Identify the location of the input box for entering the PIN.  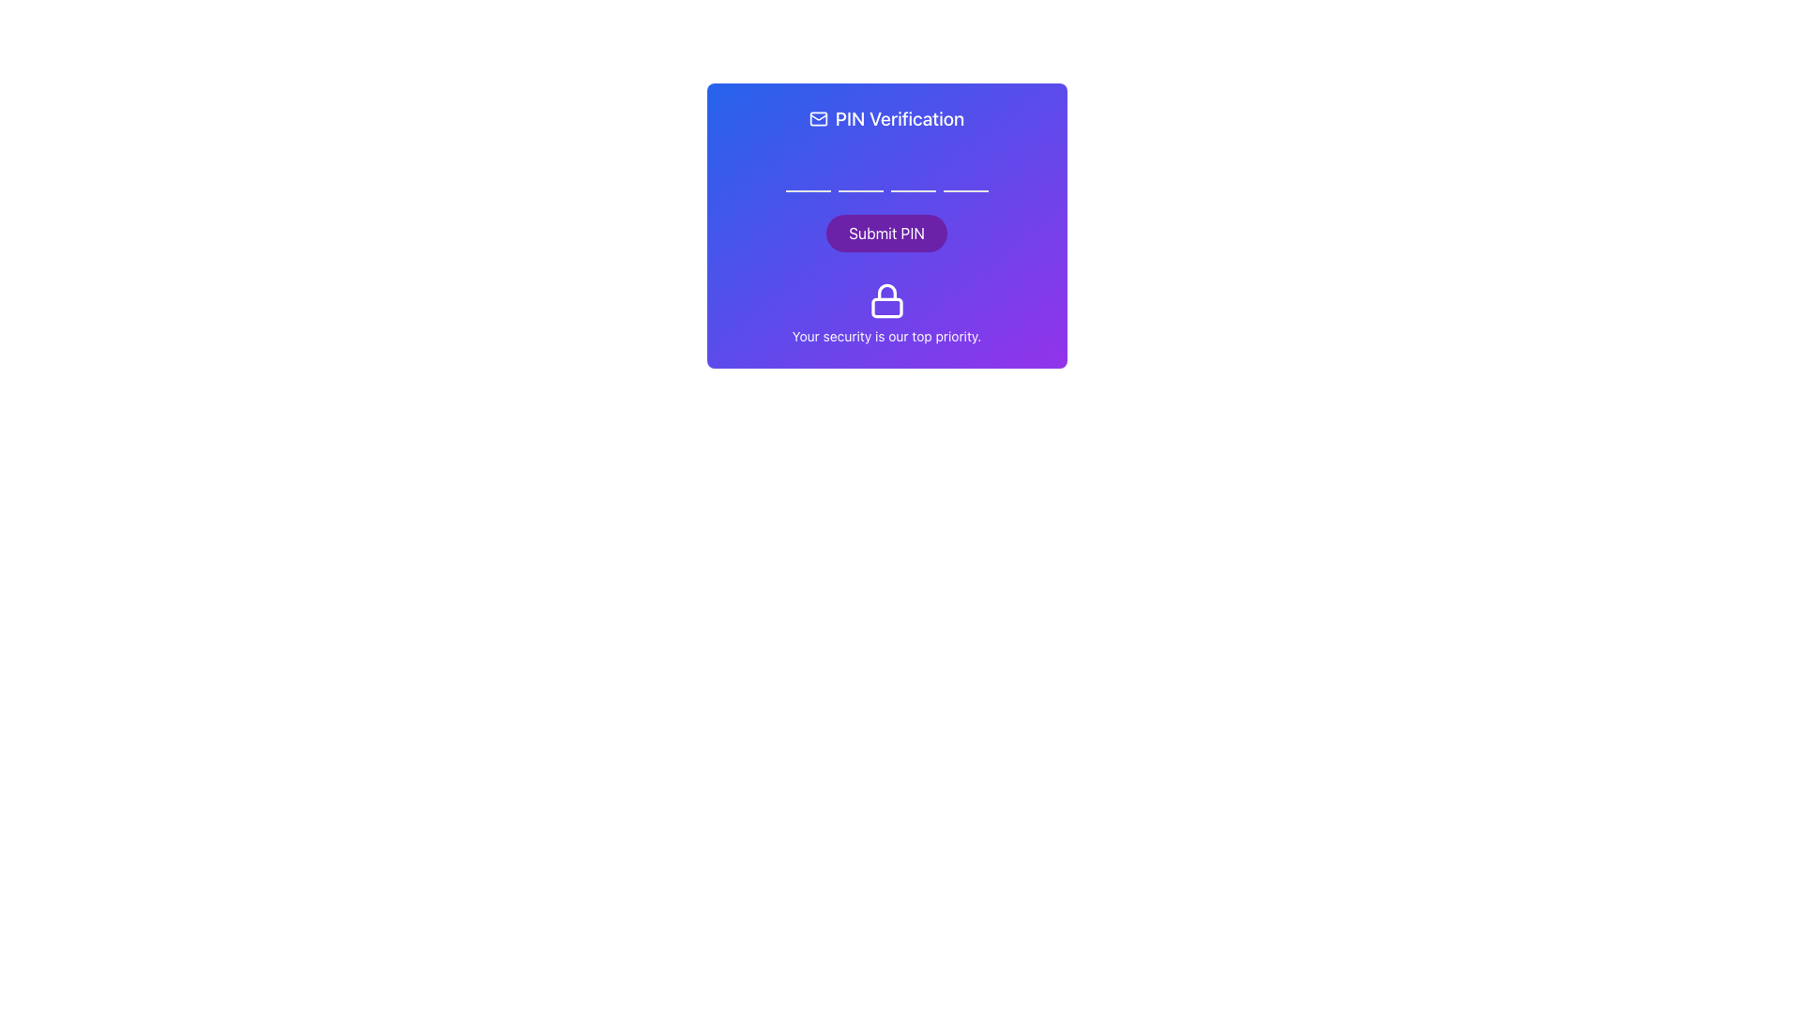
(885, 170).